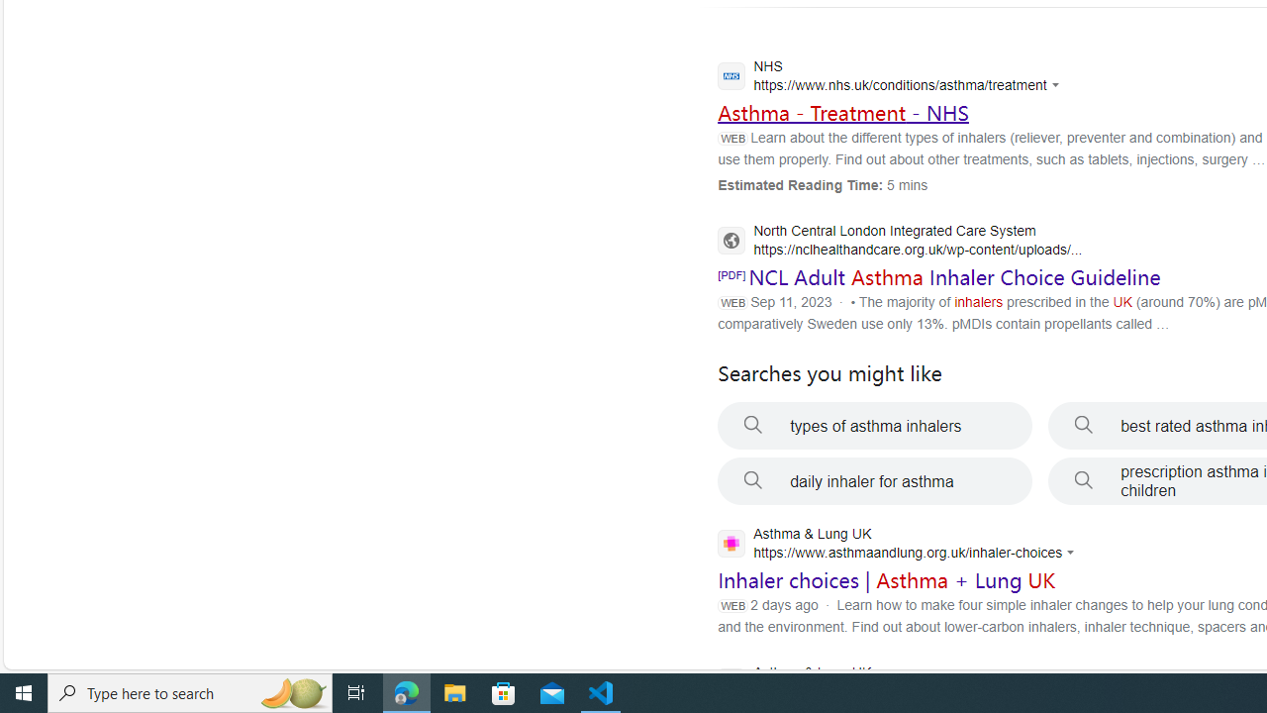  Describe the element at coordinates (842, 112) in the screenshot. I see `'Asthma - Treatment - NHS'` at that location.